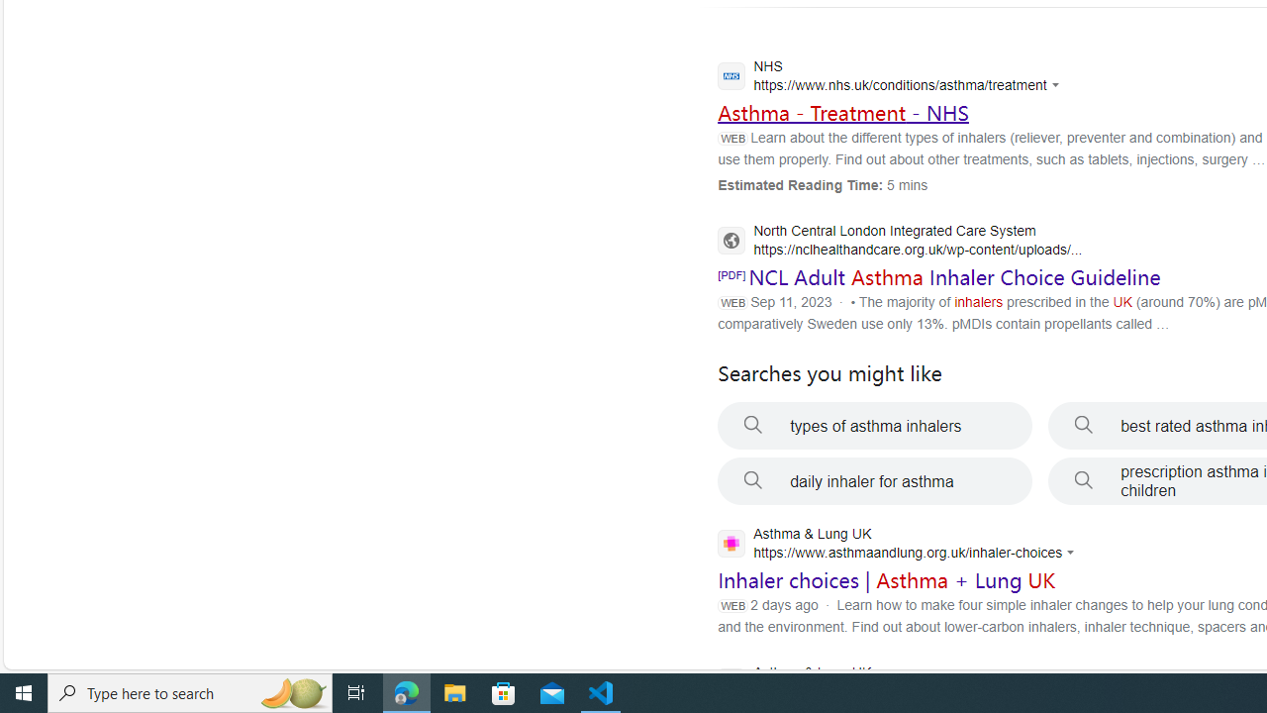  Describe the element at coordinates (842, 112) in the screenshot. I see `'Asthma - Treatment - NHS'` at that location.